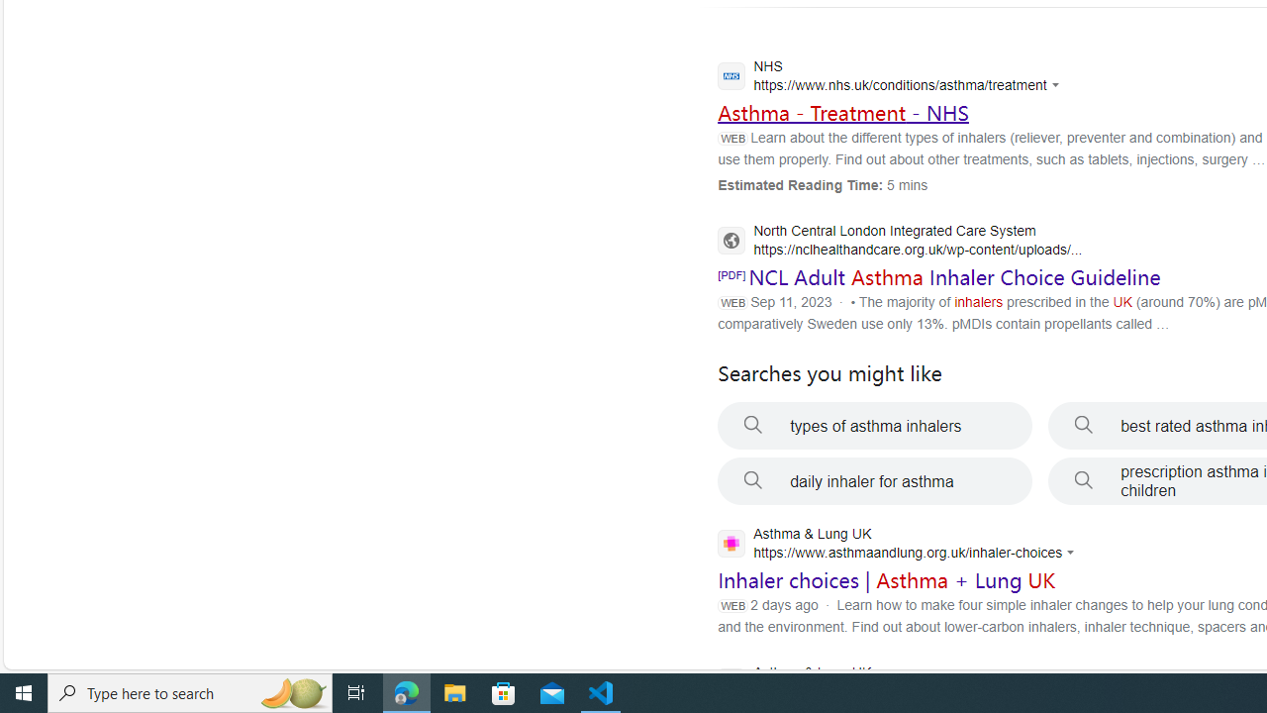  Describe the element at coordinates (842, 112) in the screenshot. I see `'Asthma - Treatment - NHS'` at that location.